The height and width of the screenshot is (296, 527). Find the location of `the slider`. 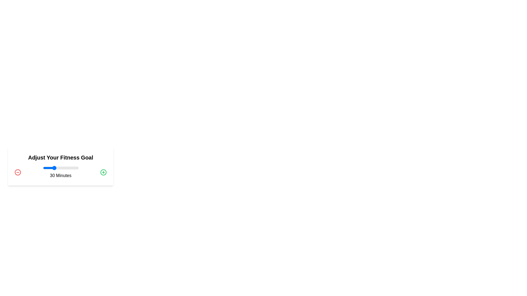

the slider is located at coordinates (60, 168).